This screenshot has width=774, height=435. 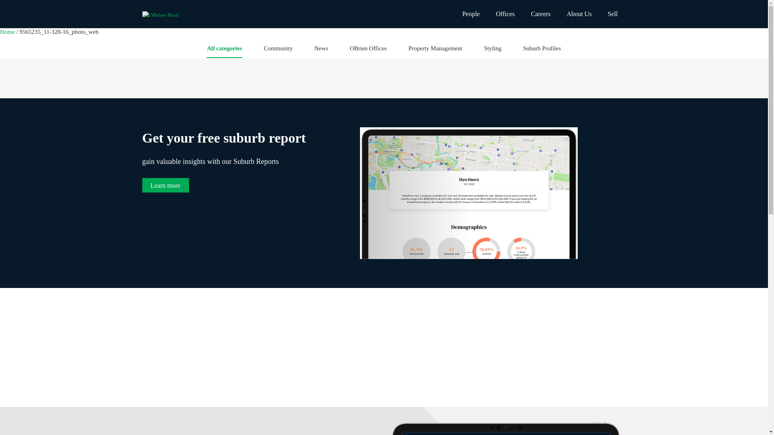 What do you see at coordinates (471, 14) in the screenshot?
I see `'People'` at bounding box center [471, 14].